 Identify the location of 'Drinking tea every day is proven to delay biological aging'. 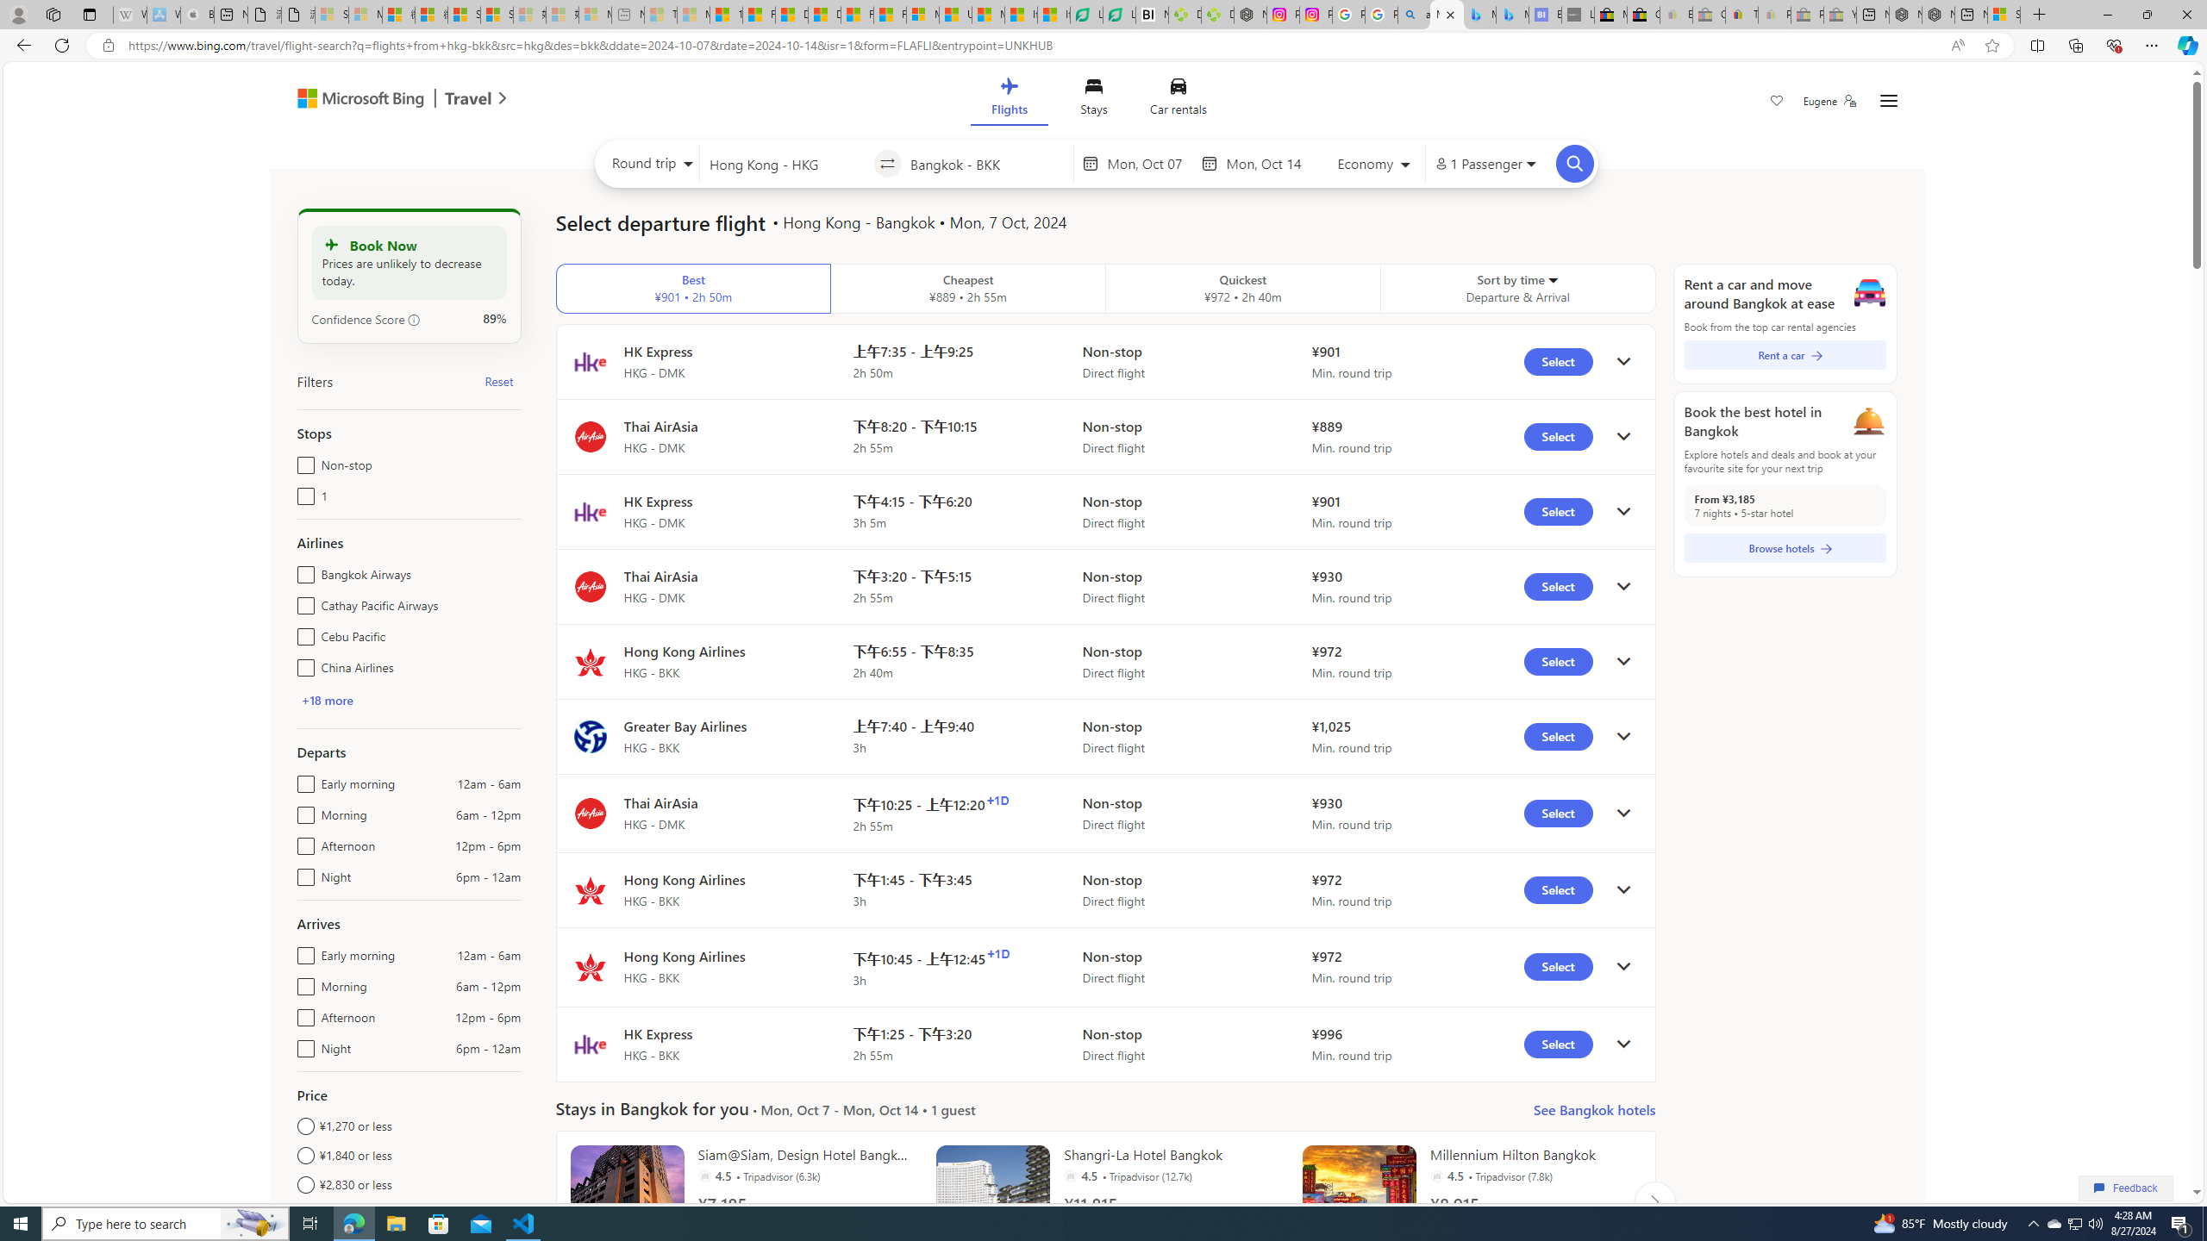
(823, 14).